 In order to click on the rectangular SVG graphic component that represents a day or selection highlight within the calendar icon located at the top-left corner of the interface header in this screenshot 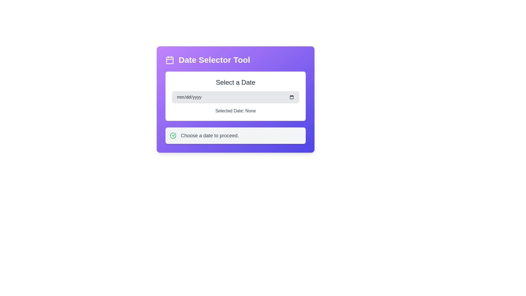, I will do `click(169, 60)`.